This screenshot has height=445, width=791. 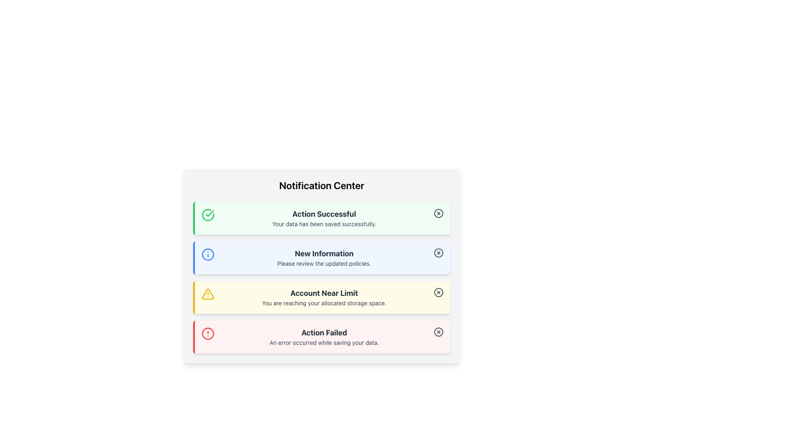 What do you see at coordinates (208, 214) in the screenshot?
I see `the status icon located to the left of the 'Action Successful' text in the green-highlighted notification bar` at bounding box center [208, 214].